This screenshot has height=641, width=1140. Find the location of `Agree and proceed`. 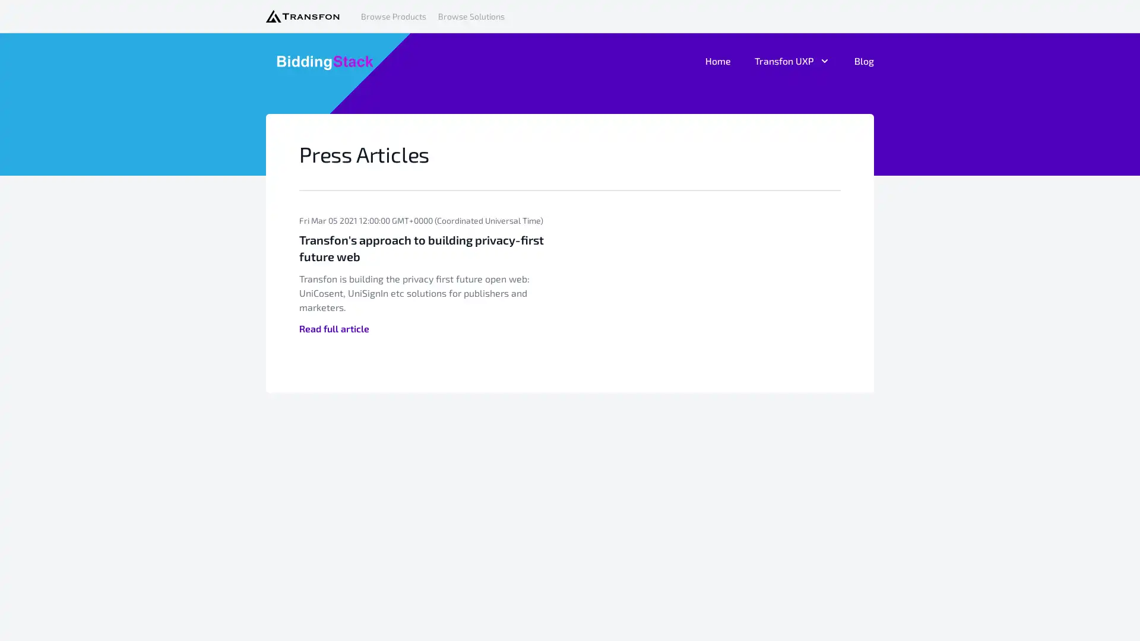

Agree and proceed is located at coordinates (214, 619).